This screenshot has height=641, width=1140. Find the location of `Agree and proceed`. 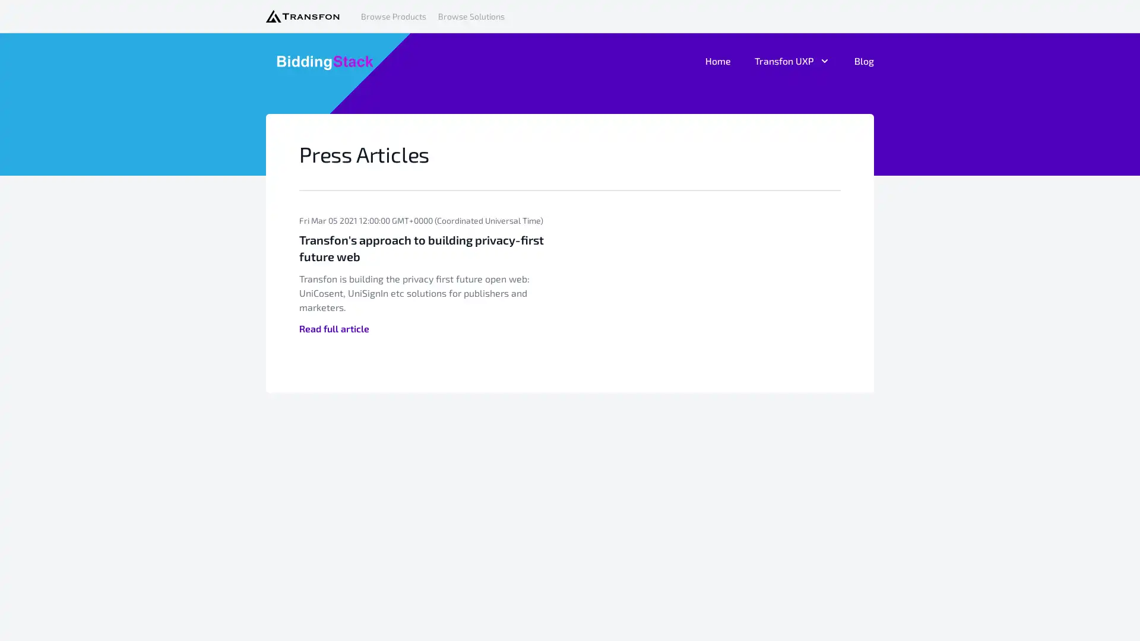

Agree and proceed is located at coordinates (214, 619).